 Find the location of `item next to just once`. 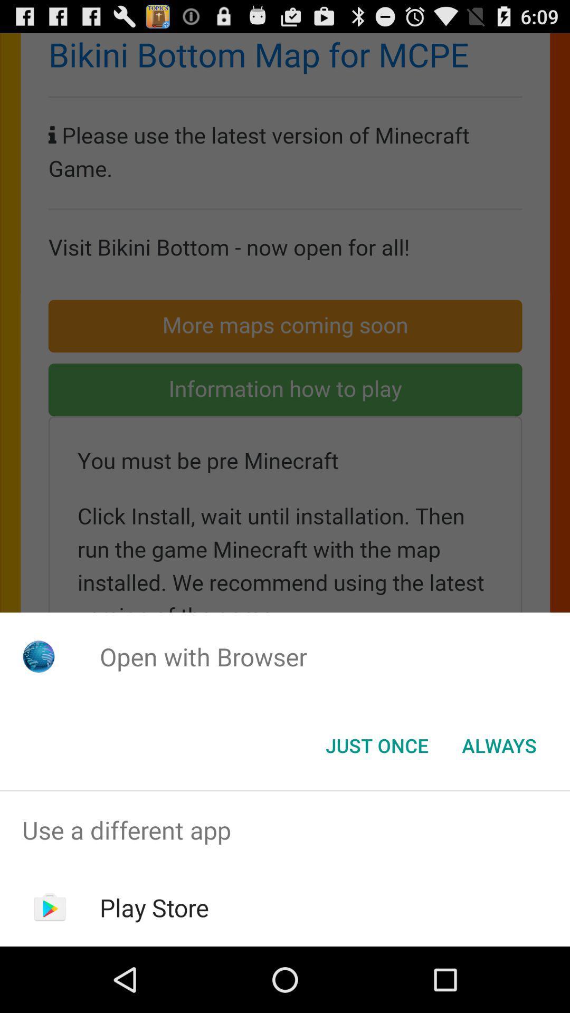

item next to just once is located at coordinates (499, 744).